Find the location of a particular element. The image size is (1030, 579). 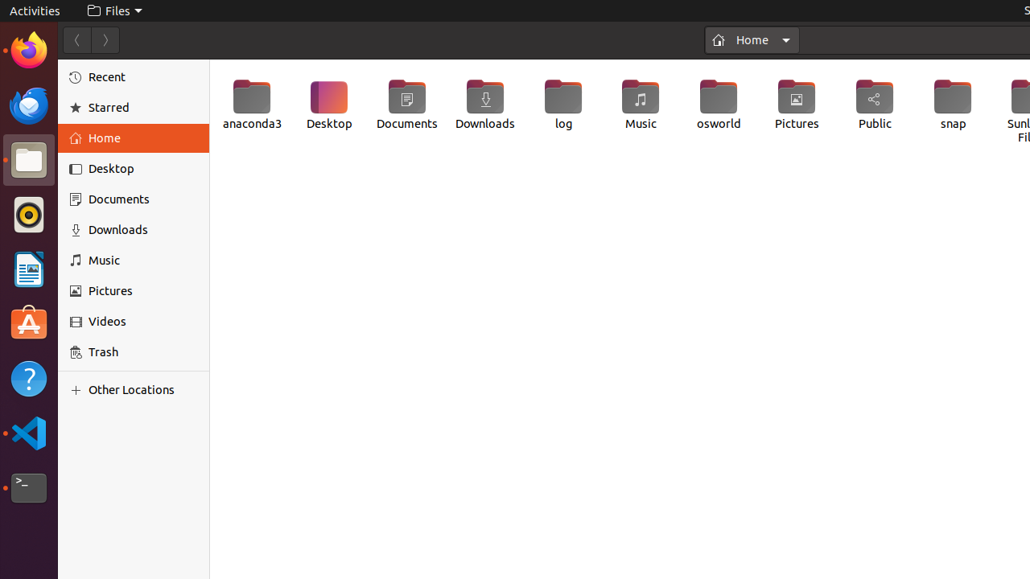

'Starred' is located at coordinates (143, 107).